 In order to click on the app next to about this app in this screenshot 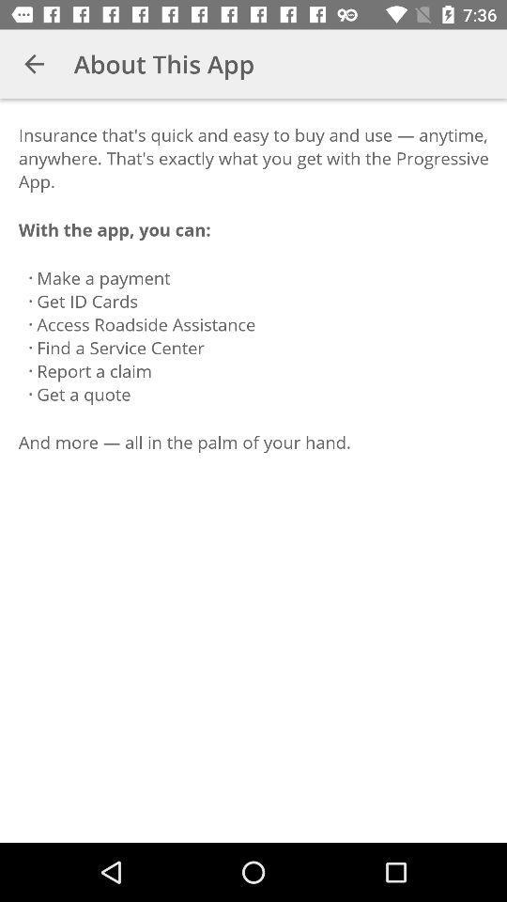, I will do `click(34, 64)`.